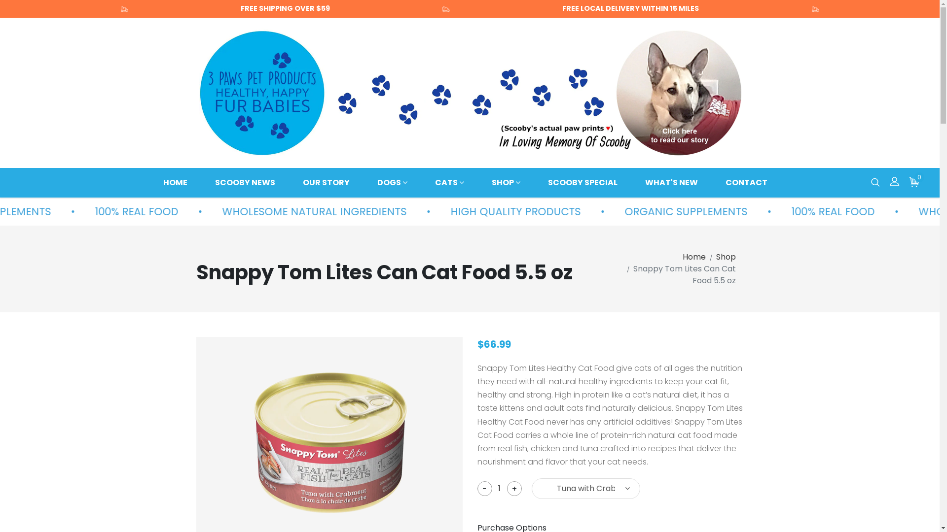  What do you see at coordinates (583, 182) in the screenshot?
I see `'SCOOBY SPECIAL'` at bounding box center [583, 182].